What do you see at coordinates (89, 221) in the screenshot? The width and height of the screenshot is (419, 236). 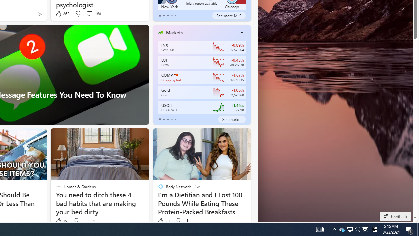 I see `'View comments 4 Comment'` at bounding box center [89, 221].